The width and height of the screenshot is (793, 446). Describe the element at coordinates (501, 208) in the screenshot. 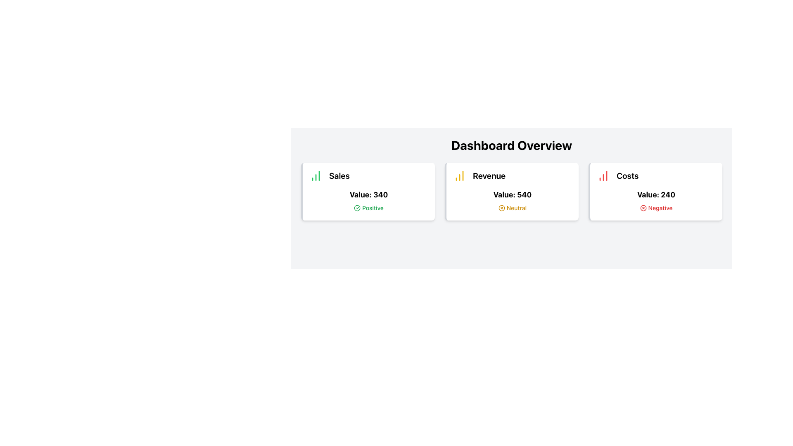

I see `the 'Neutral' status icon in the 'Revenue' card, which is centrally located between the icon and the 'Neutral' text` at that location.